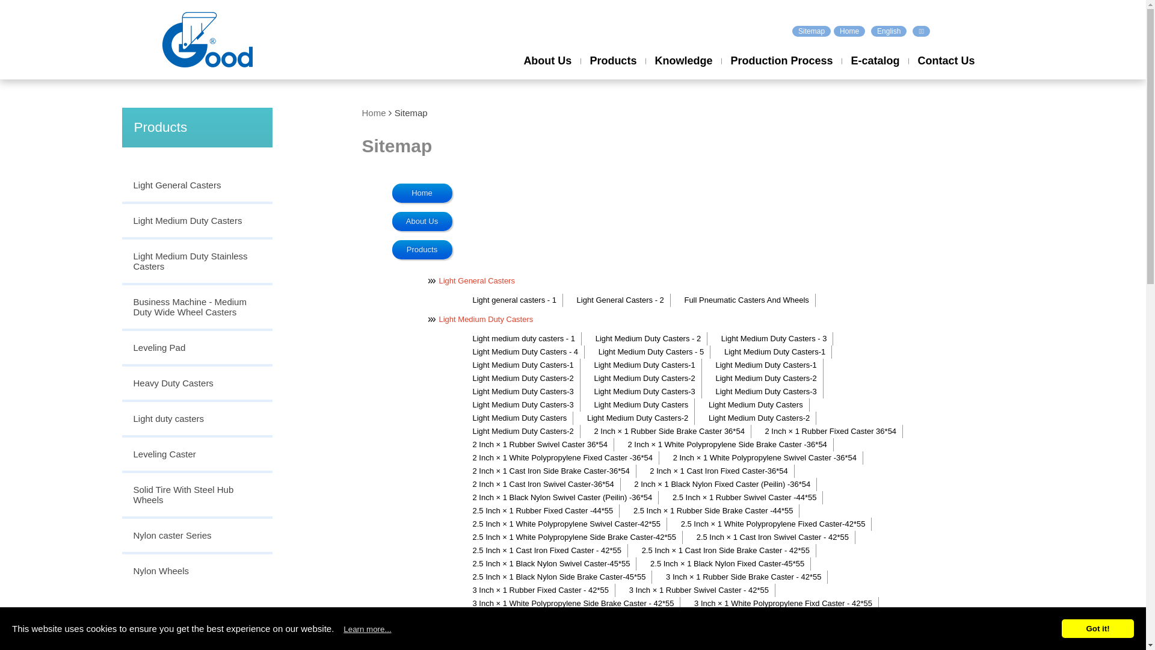  What do you see at coordinates (161, 39) in the screenshot?
I see `'GREAT MING LEN ENTERPRISE CO., LTD.'` at bounding box center [161, 39].